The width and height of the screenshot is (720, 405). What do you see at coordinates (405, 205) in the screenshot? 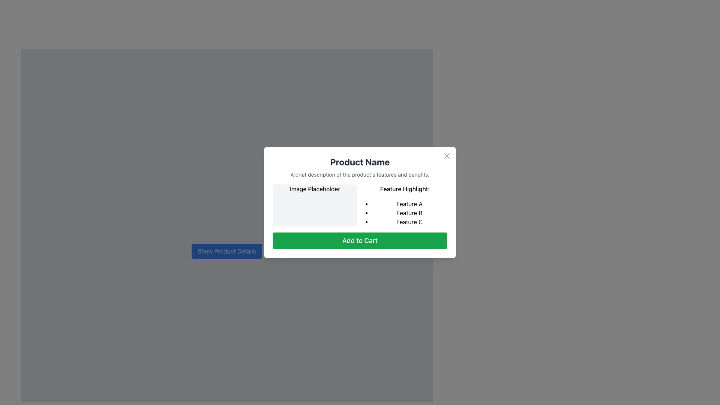
I see `the vertically aligned list containing the title 'Feature Highlight:' and the bullet points 'Feature A', 'Feature B', and 'Feature C'` at bounding box center [405, 205].